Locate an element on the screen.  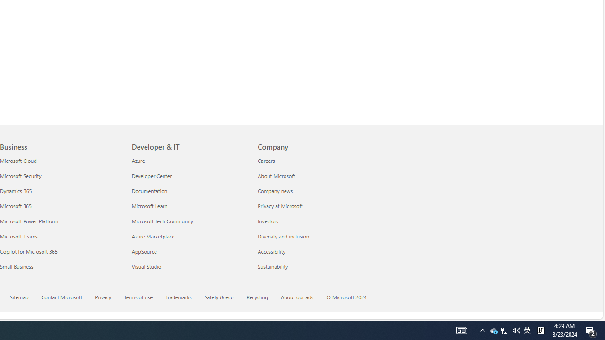
'Microsoft Tech Community' is located at coordinates (189, 221).